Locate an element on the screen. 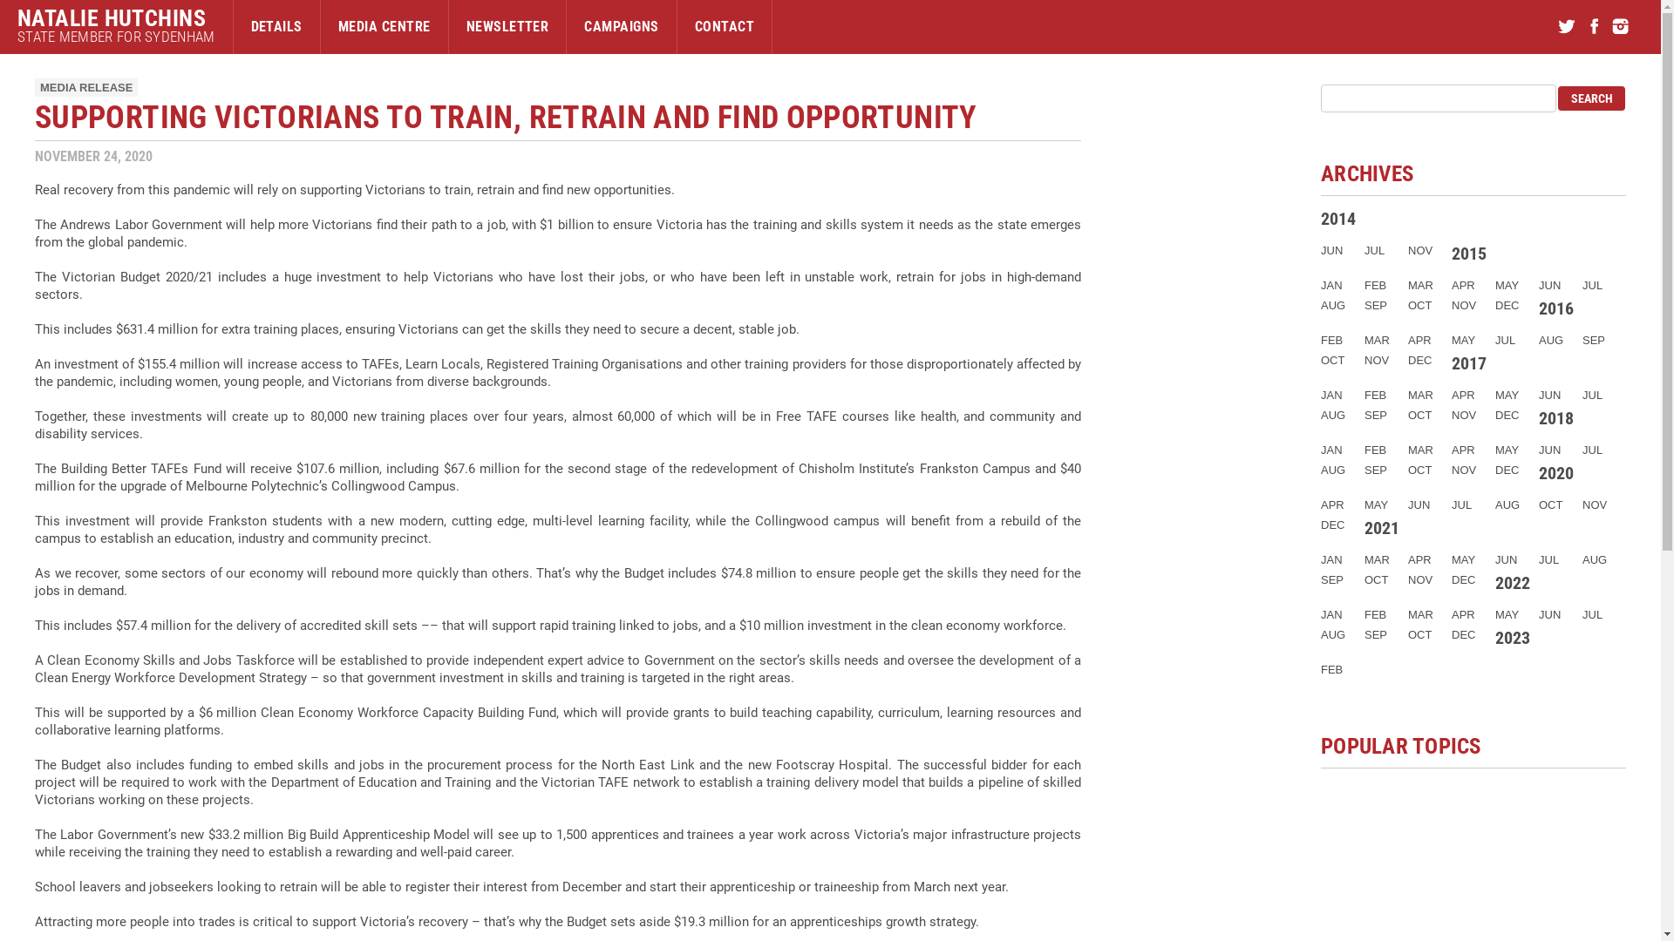 The width and height of the screenshot is (1674, 941). '2018' is located at coordinates (1556, 417).